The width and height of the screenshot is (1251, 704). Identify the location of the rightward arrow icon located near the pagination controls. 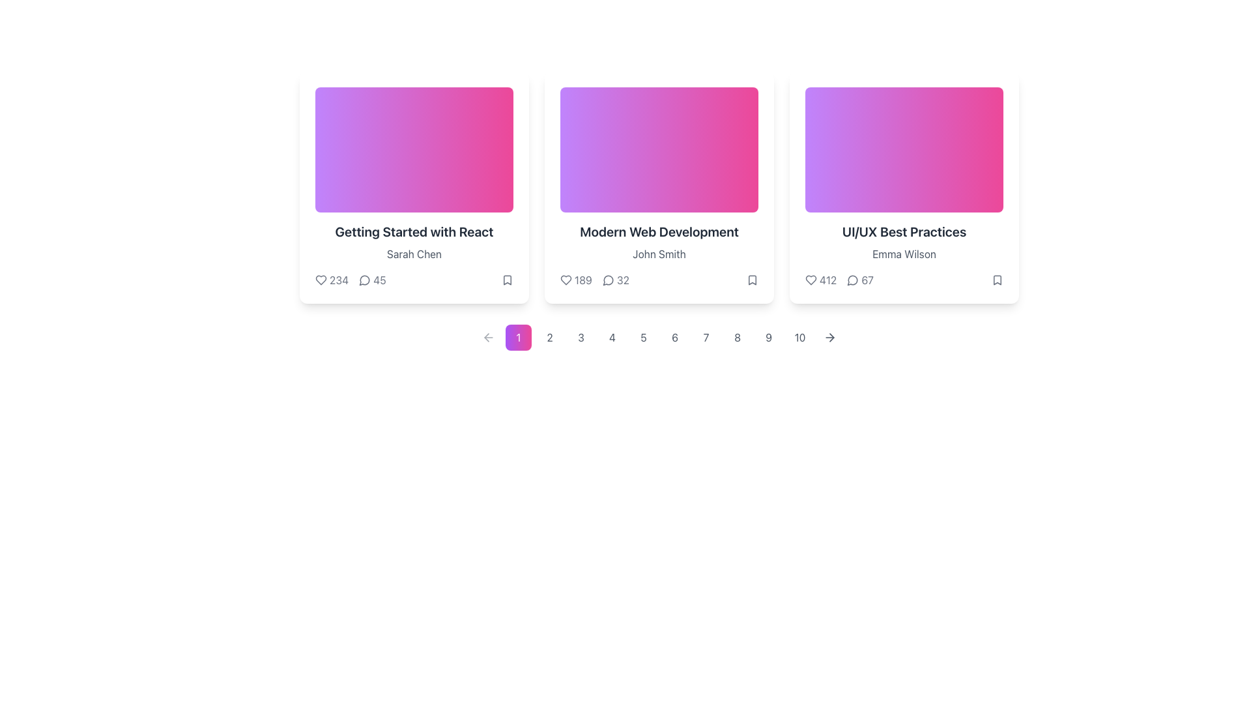
(831, 336).